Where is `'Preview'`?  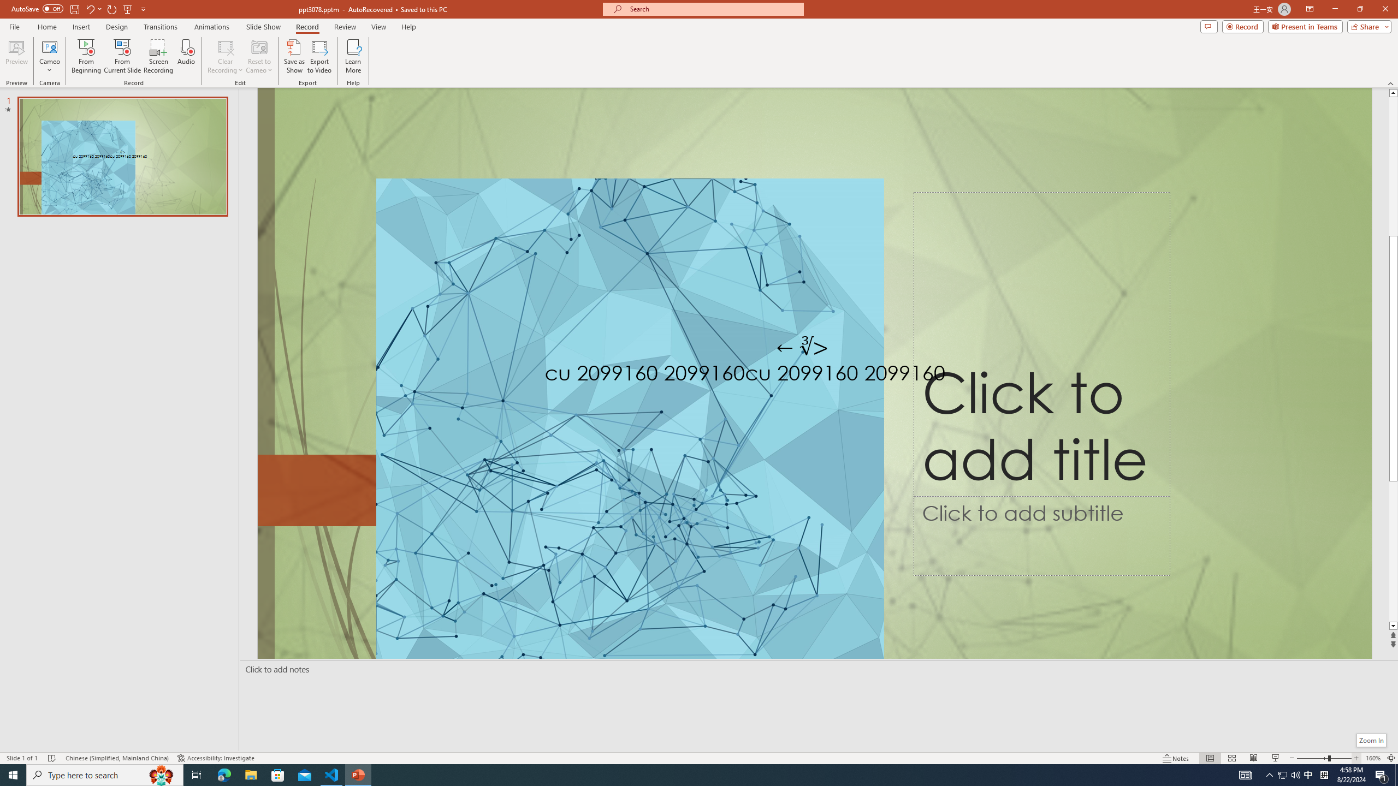
'Preview' is located at coordinates (16, 56).